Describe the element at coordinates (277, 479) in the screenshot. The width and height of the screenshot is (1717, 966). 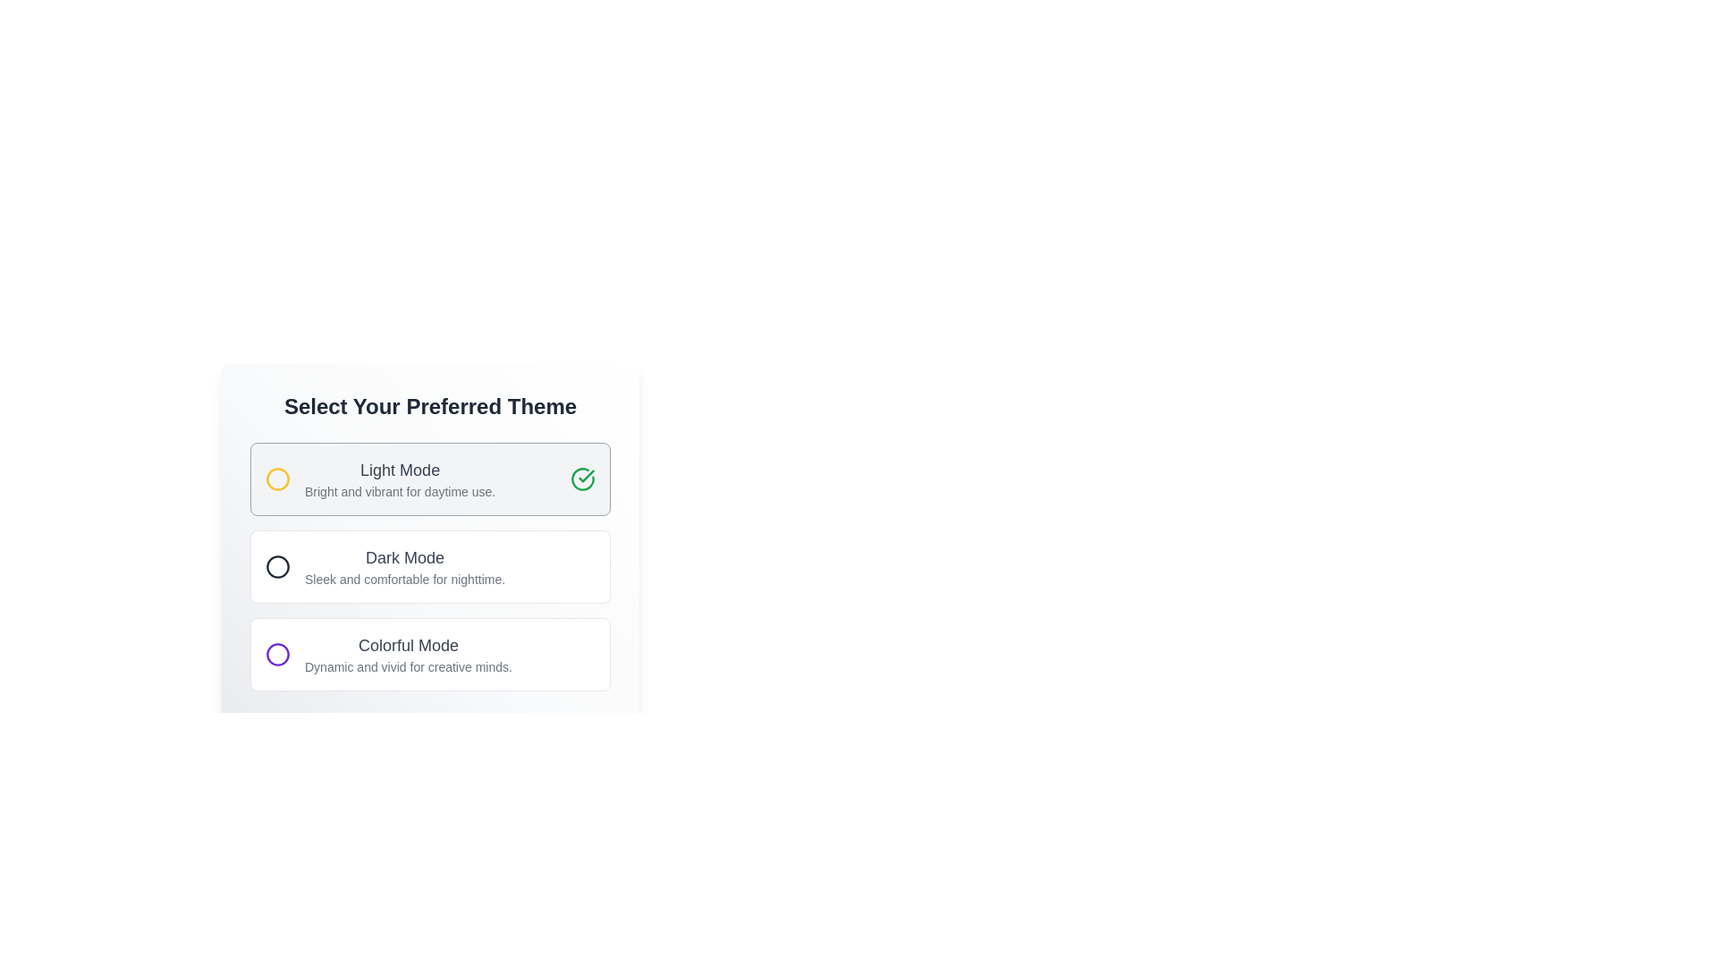
I see `the circle part of the radio button for the 'Light Mode' theme option, which serves as a visual indicator of selection` at that location.